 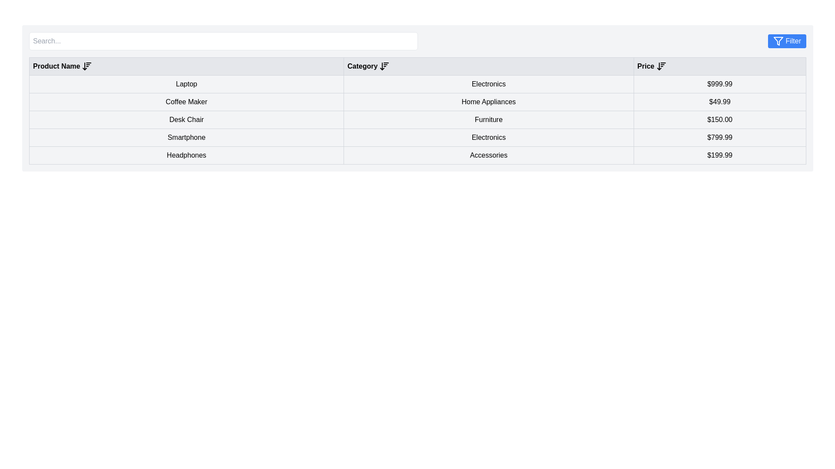 I want to click on the filter icon located in the top-right corner of the interface, so click(x=778, y=41).